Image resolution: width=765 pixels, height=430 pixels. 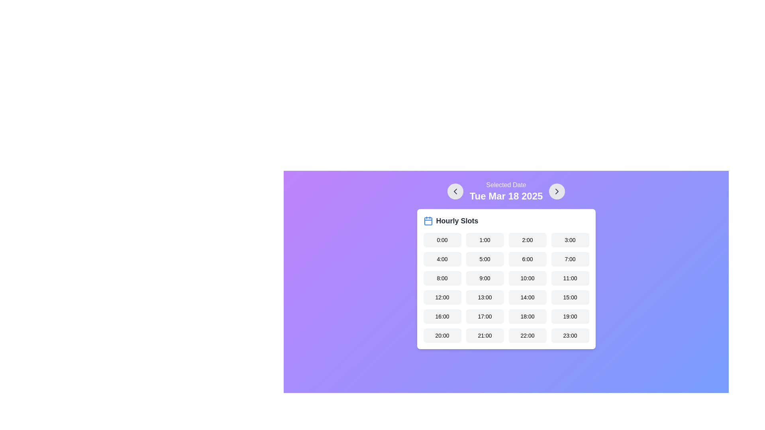 What do you see at coordinates (556, 192) in the screenshot?
I see `the forward chevron icon button located in the top right section of the interface` at bounding box center [556, 192].